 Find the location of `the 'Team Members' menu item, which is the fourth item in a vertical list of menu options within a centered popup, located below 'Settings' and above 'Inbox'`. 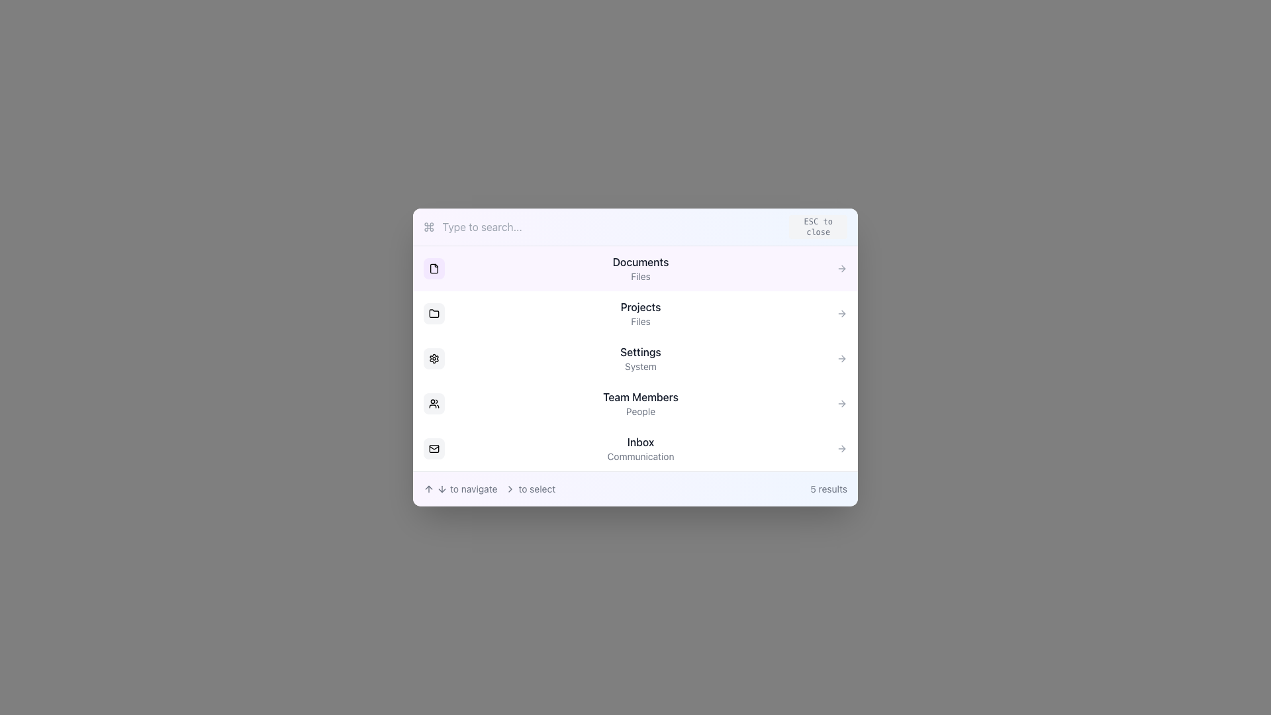

the 'Team Members' menu item, which is the fourth item in a vertical list of menu options within a centered popup, located below 'Settings' and above 'Inbox' is located at coordinates (641, 403).